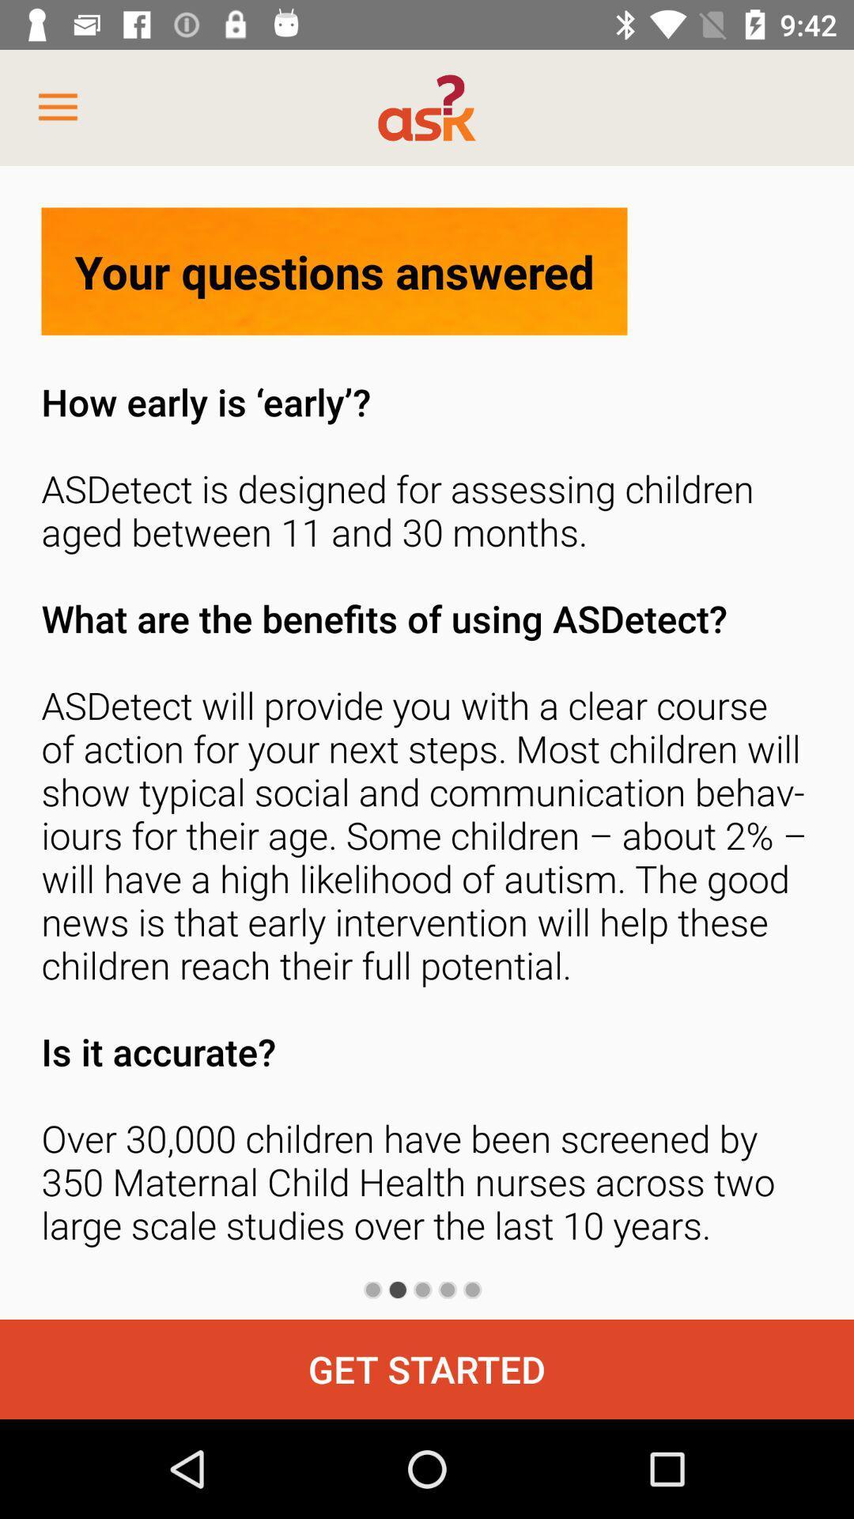  Describe the element at coordinates (57, 107) in the screenshot. I see `item at the top left corner` at that location.